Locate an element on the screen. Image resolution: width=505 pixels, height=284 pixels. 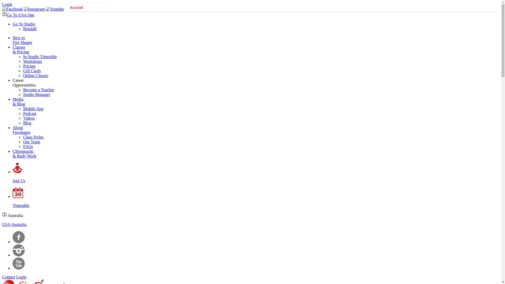
'FAQs' is located at coordinates (23, 146).